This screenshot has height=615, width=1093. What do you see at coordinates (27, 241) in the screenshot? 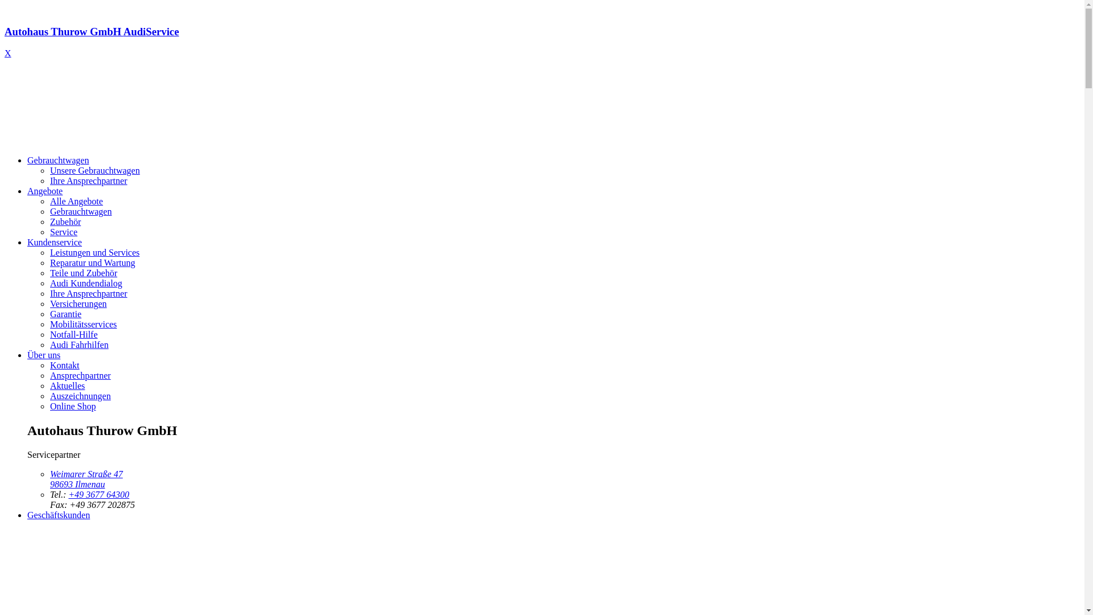
I see `'Kundenservice'` at bounding box center [27, 241].